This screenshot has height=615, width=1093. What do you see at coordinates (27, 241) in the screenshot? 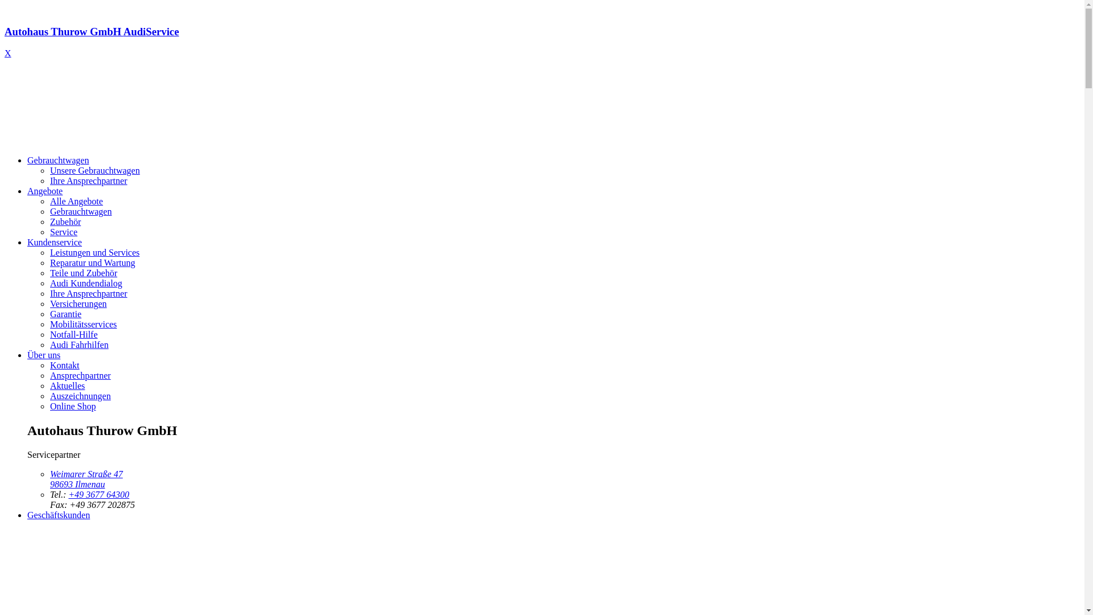
I see `'Kundenservice'` at bounding box center [27, 241].